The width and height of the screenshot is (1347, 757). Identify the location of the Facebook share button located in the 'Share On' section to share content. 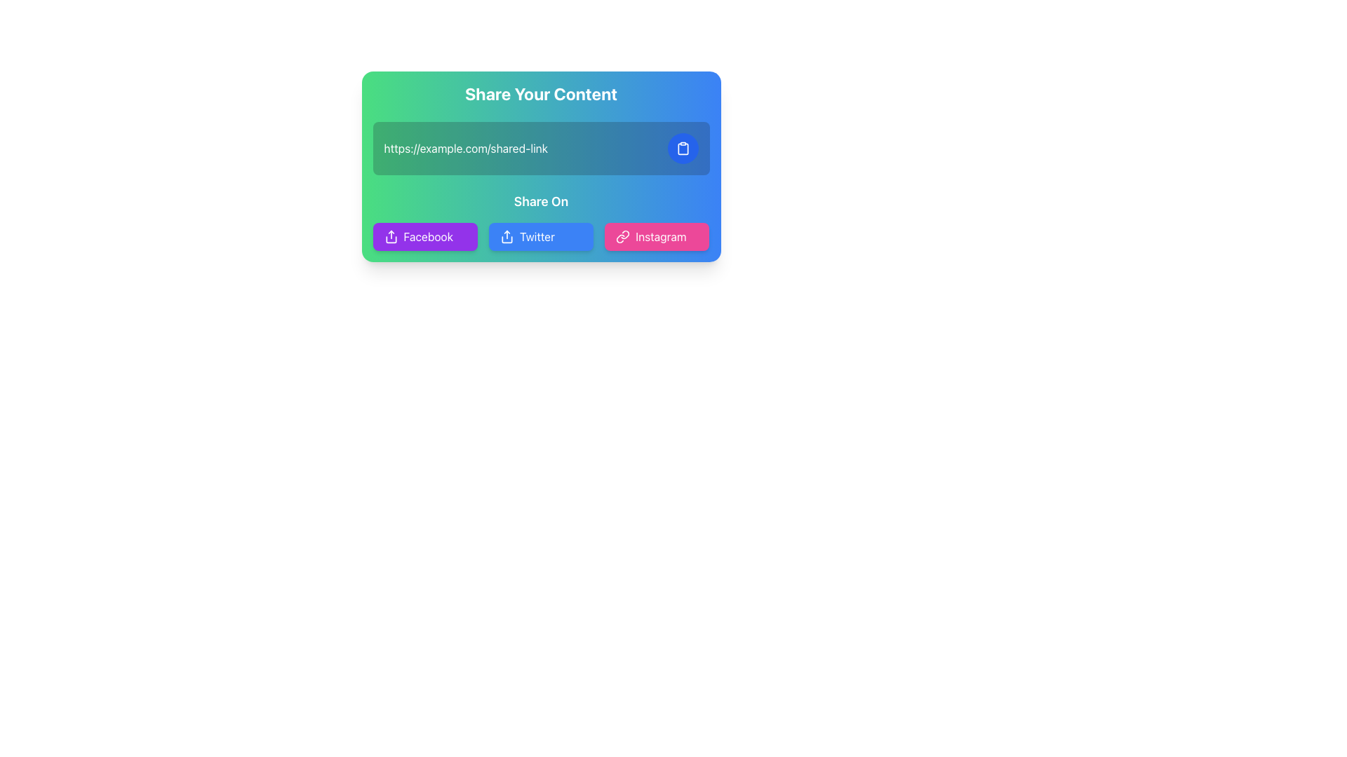
(424, 236).